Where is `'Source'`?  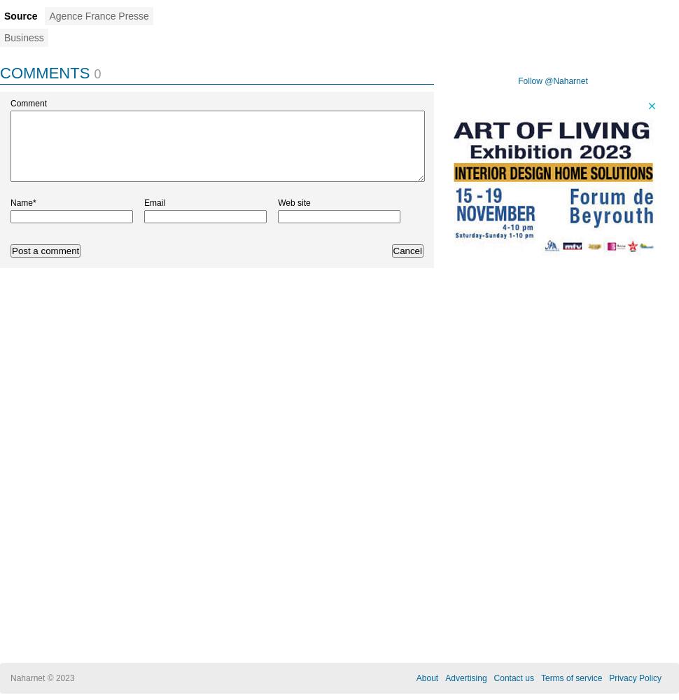 'Source' is located at coordinates (20, 16).